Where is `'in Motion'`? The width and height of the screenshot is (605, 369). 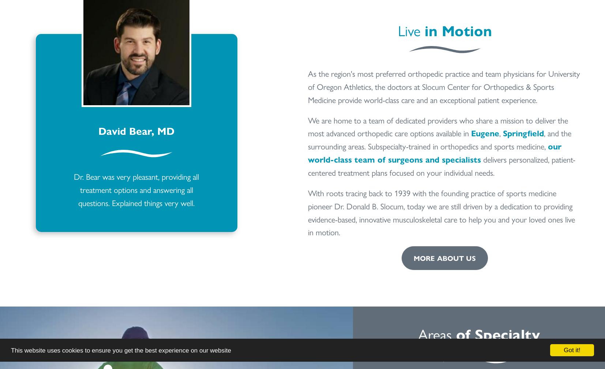 'in Motion' is located at coordinates (458, 30).